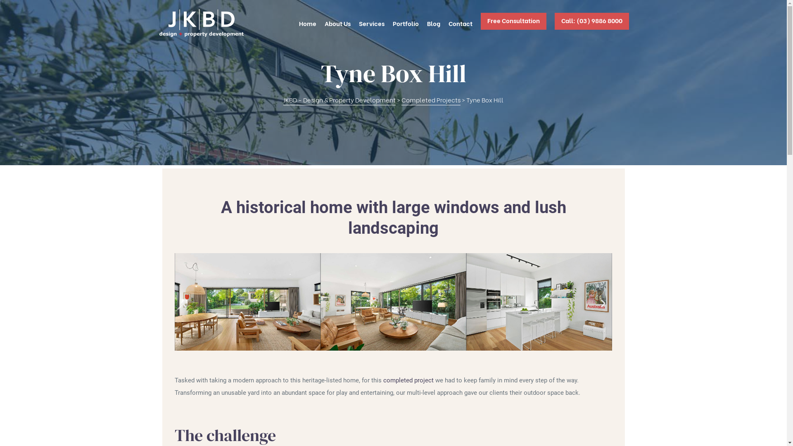 The image size is (793, 446). What do you see at coordinates (370, 23) in the screenshot?
I see `'Services'` at bounding box center [370, 23].